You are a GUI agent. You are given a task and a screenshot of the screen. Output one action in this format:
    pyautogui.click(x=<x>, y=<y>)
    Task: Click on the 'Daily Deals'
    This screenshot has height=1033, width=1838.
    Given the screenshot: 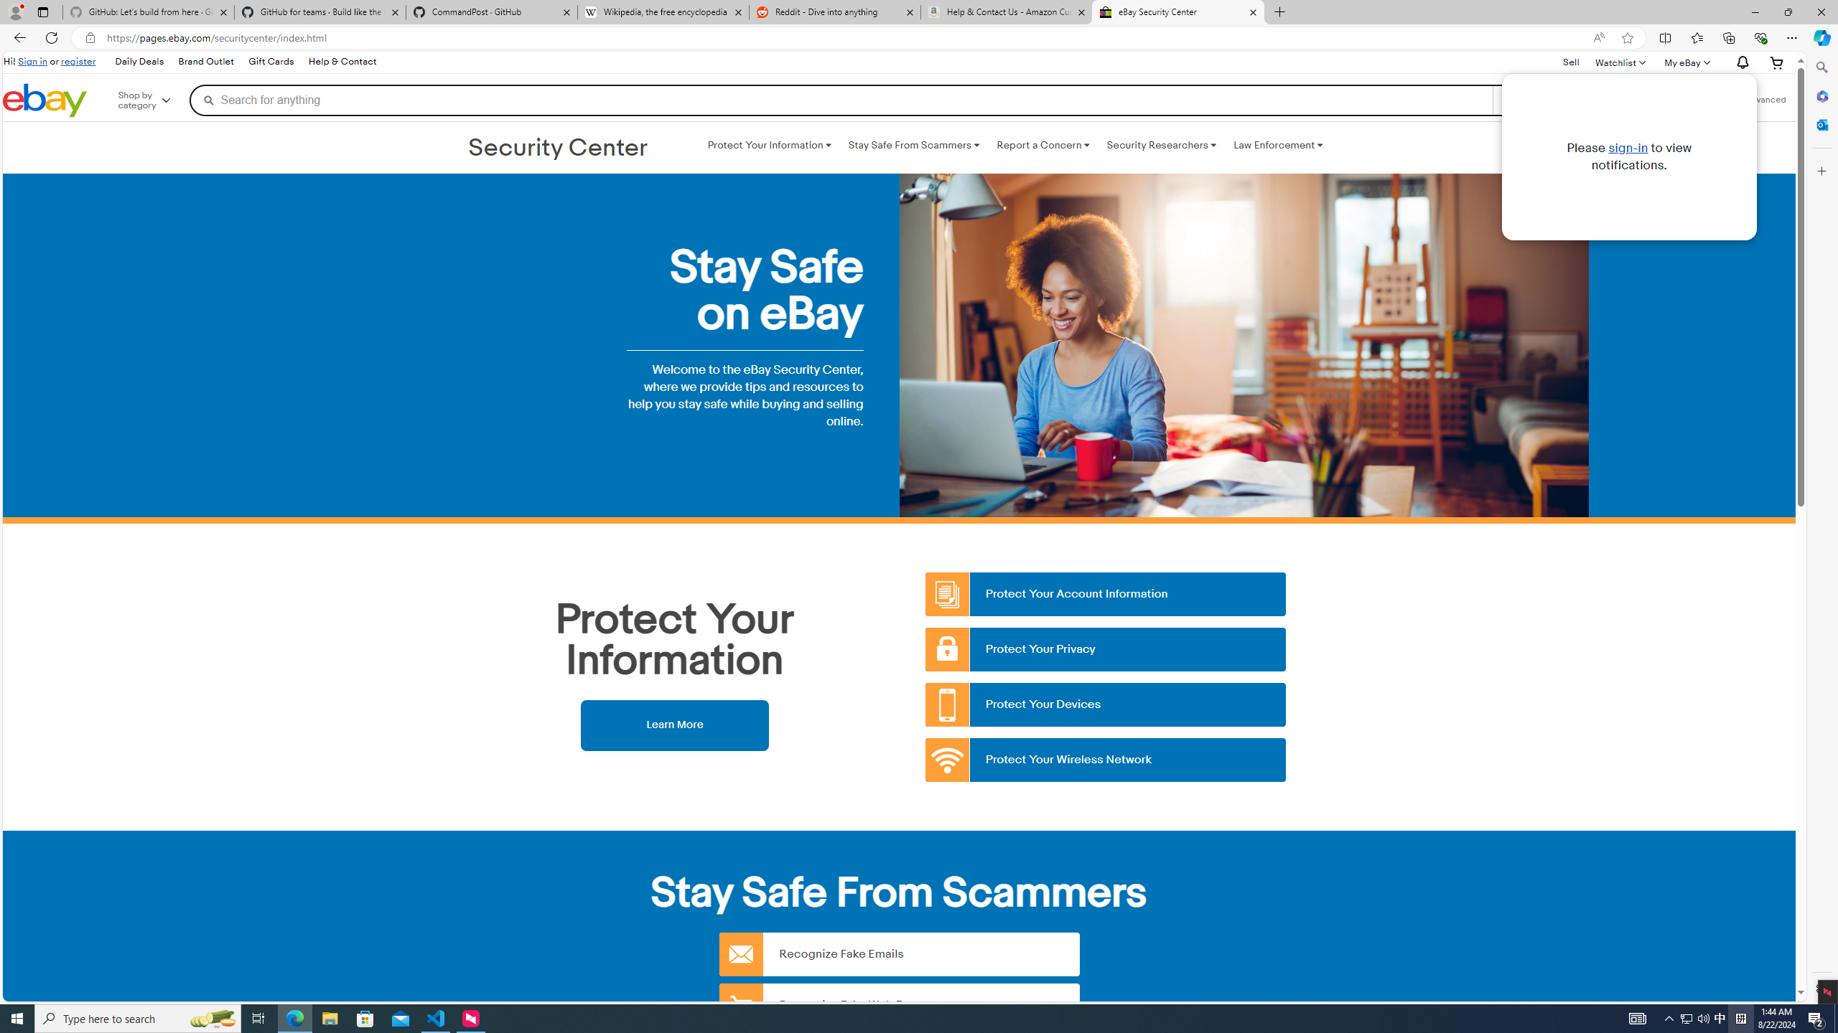 What is the action you would take?
    pyautogui.click(x=138, y=62)
    